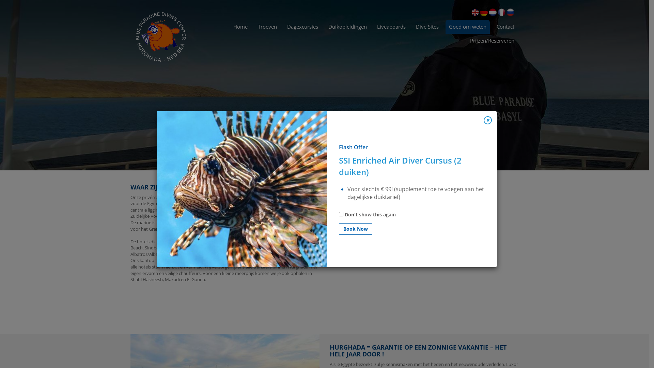 The image size is (654, 368). I want to click on 'Dive Sites', so click(427, 26).